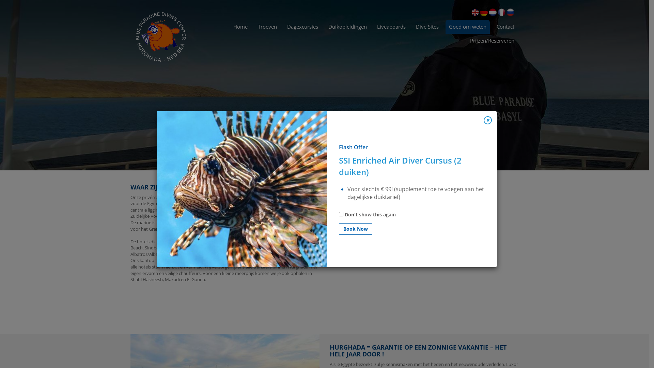 The image size is (654, 368). I want to click on 'Dive Sites', so click(427, 26).